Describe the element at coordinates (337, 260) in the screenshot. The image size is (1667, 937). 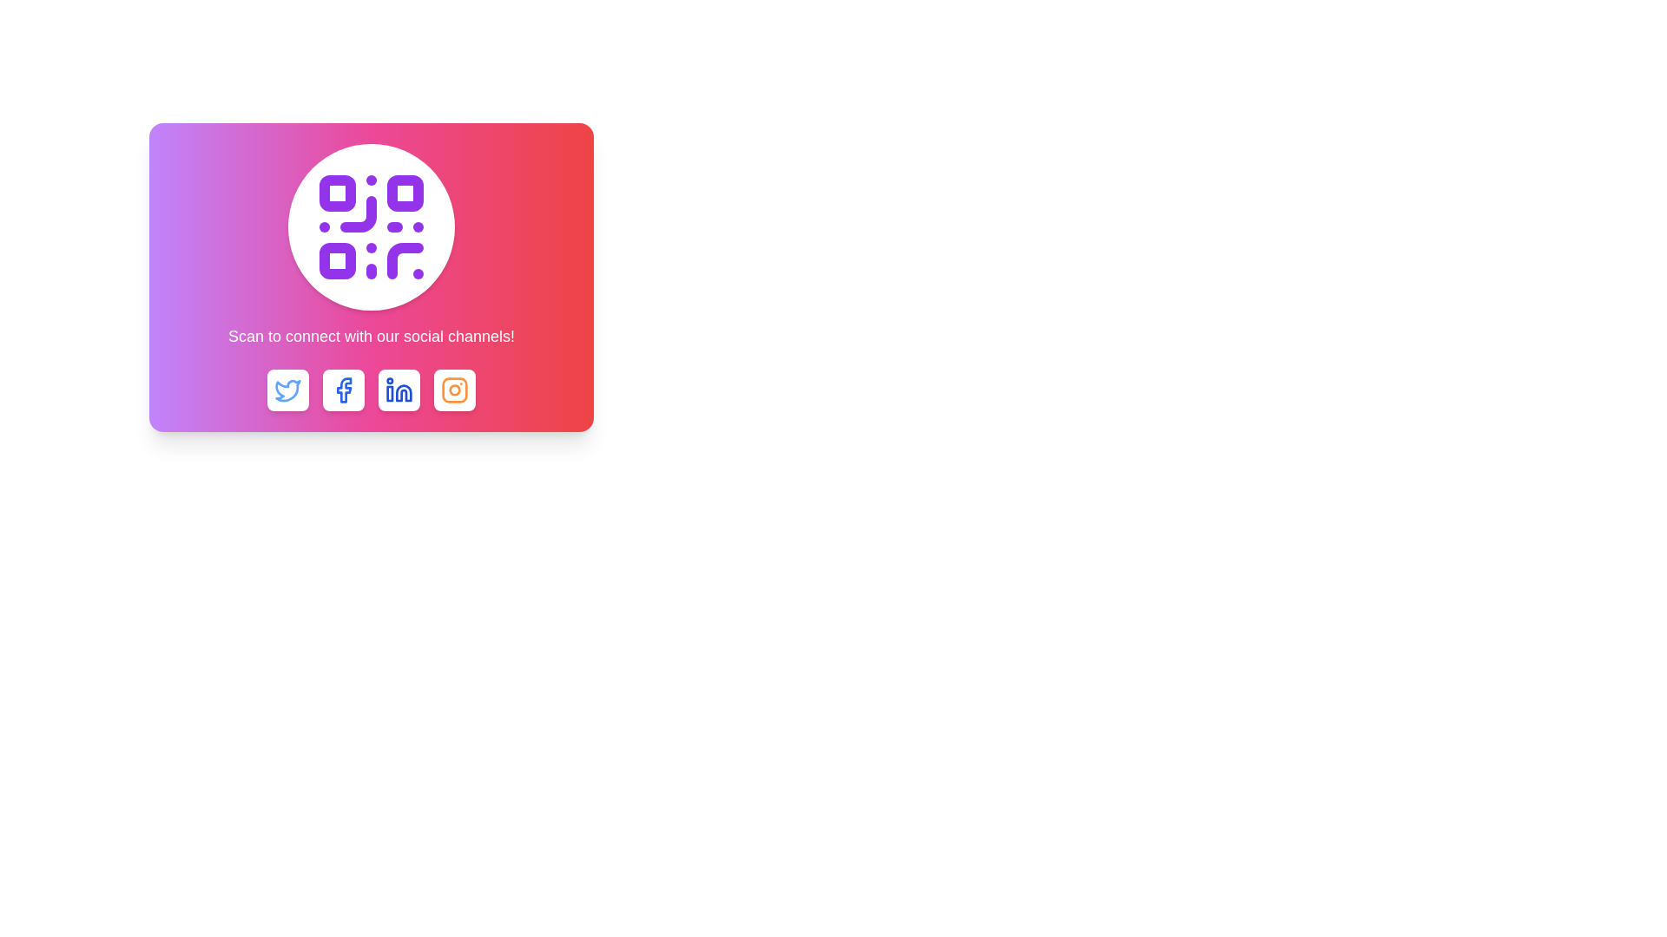
I see `the third visible square-shaped component in the lower-left section of the QR code, which contributes to its scannable pattern` at that location.